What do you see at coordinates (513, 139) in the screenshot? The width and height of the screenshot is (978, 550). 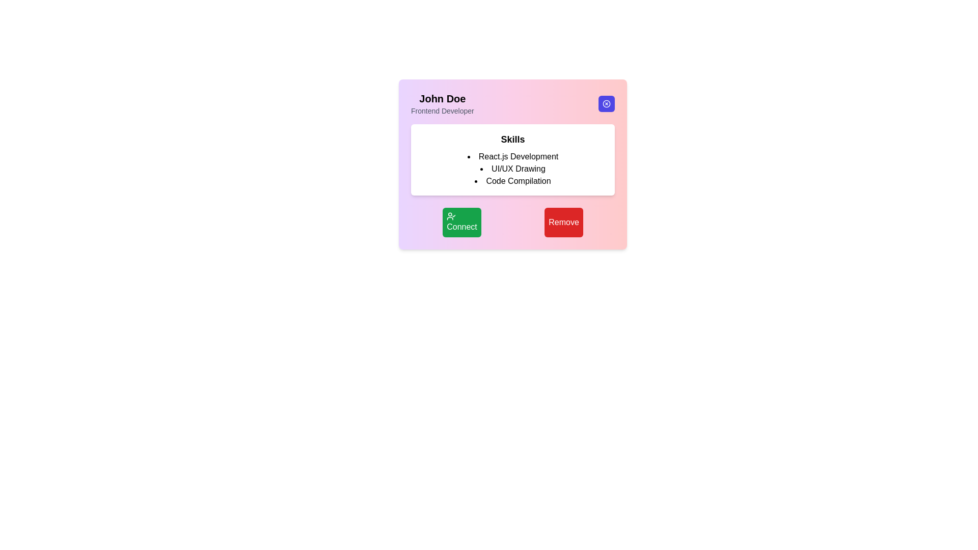 I see `the Text label that serves as a section title for the skills list, located at the top of a white rectangular box` at bounding box center [513, 139].